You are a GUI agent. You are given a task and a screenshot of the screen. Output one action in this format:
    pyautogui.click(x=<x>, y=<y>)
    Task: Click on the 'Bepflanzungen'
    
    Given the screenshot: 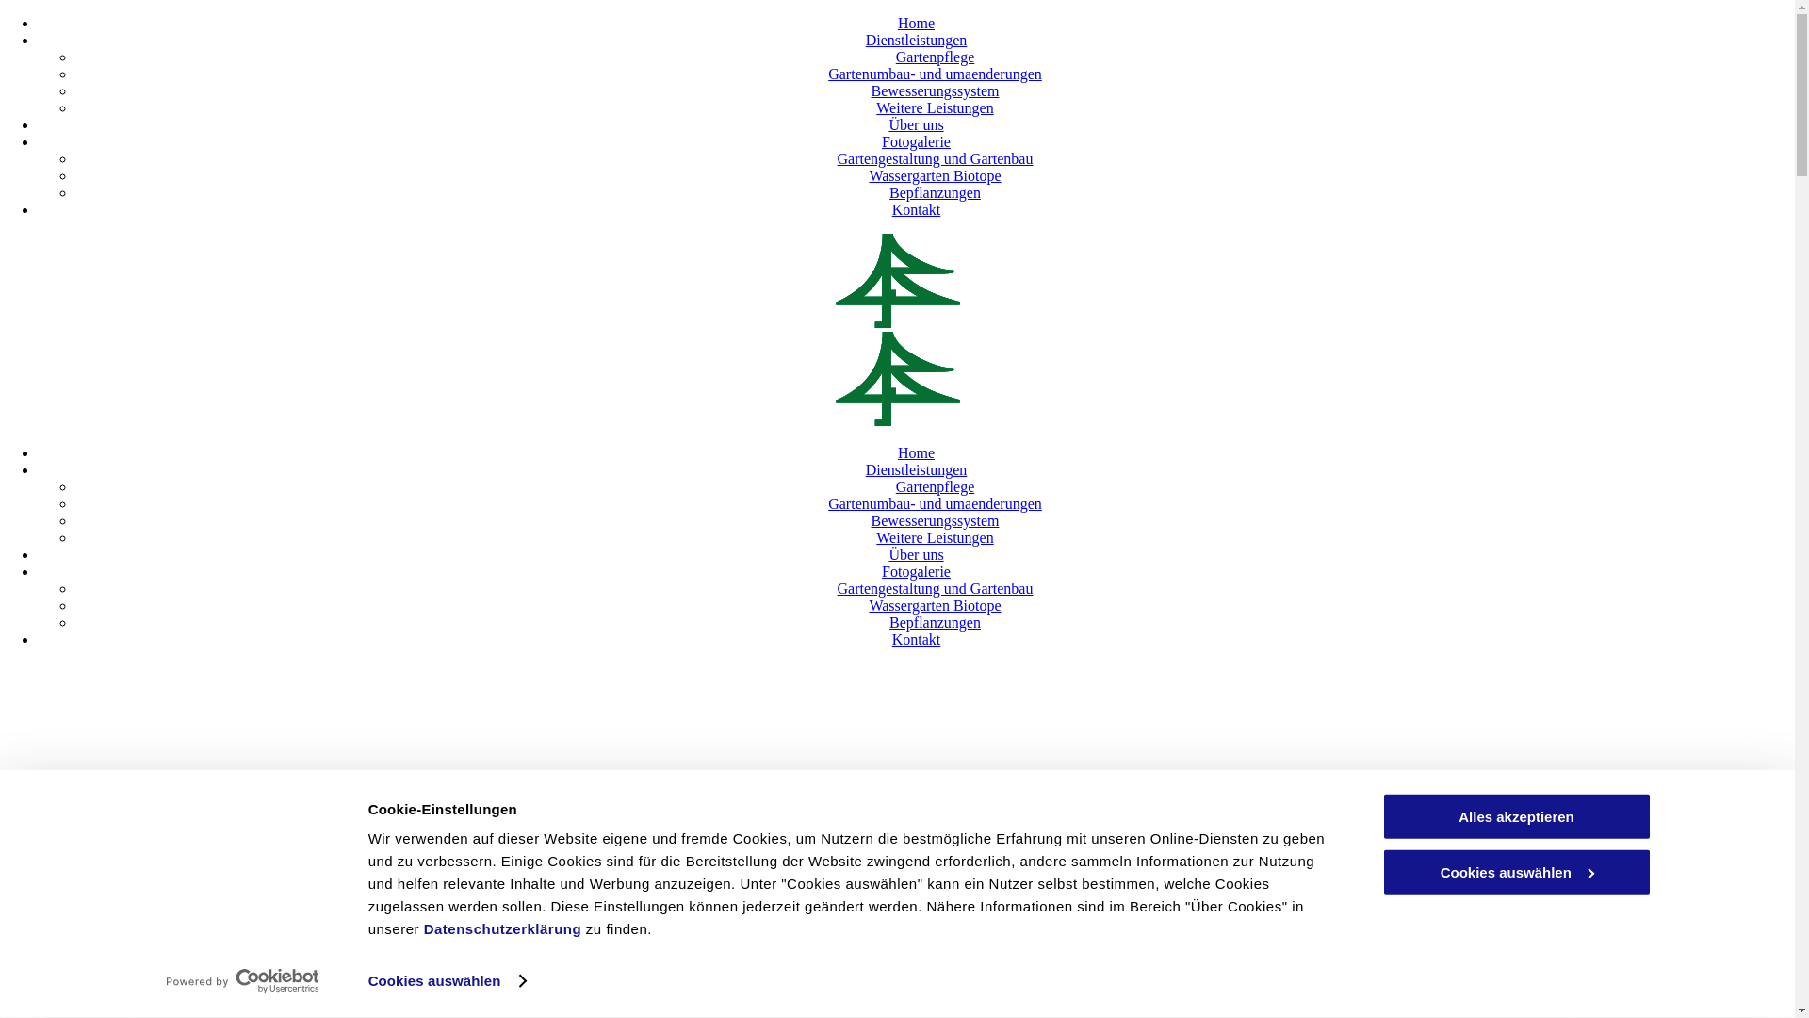 What is the action you would take?
    pyautogui.click(x=935, y=192)
    